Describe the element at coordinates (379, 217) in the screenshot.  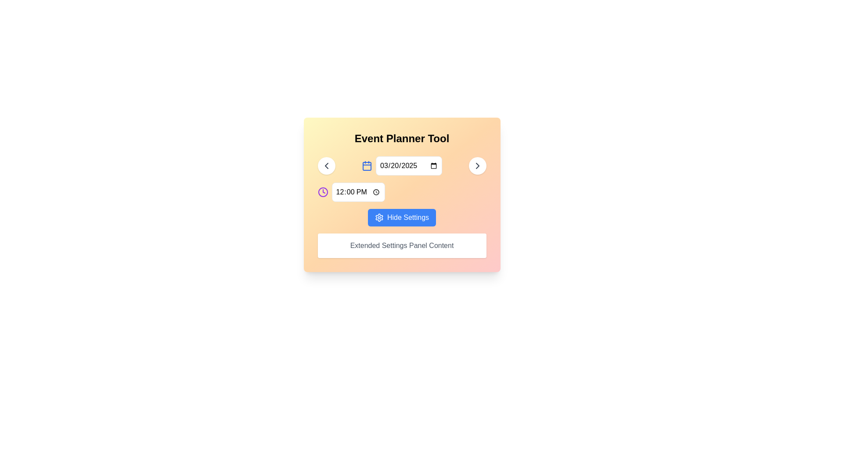
I see `the settings icon located to the left of the 'Hide Settings' text within the button at the bottom half of the card` at that location.